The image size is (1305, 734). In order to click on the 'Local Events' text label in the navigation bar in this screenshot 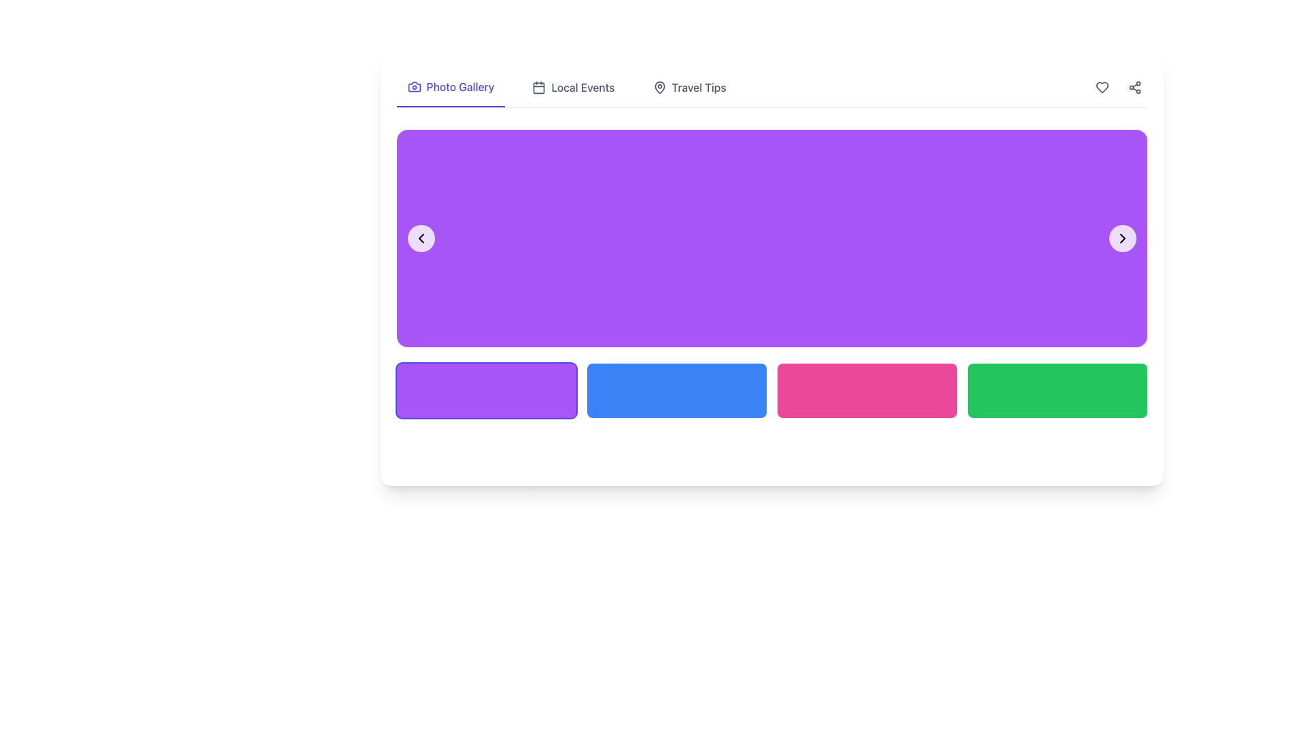, I will do `click(582, 87)`.